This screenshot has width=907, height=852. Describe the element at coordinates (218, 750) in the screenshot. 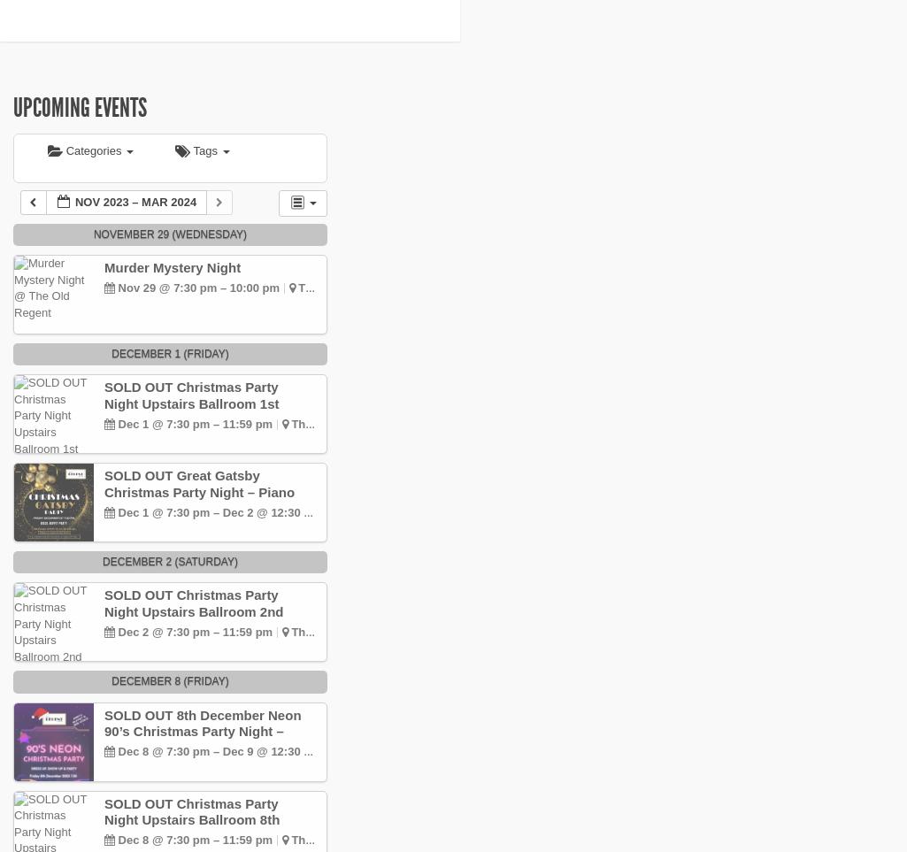

I see `'Dec 8 @ 7:30 pm – Dec 9 @ 12:30 am'` at that location.